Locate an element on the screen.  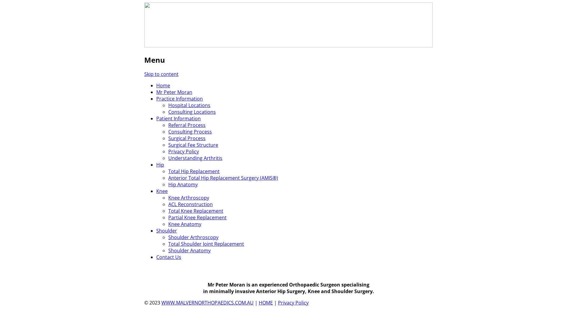
'Mr Peter Moran' is located at coordinates (156, 92).